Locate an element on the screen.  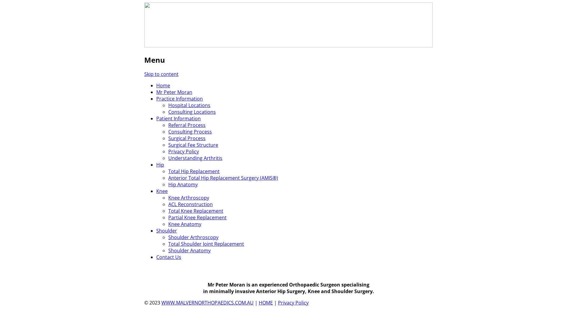
'Mr Peter Moran' is located at coordinates (156, 92).